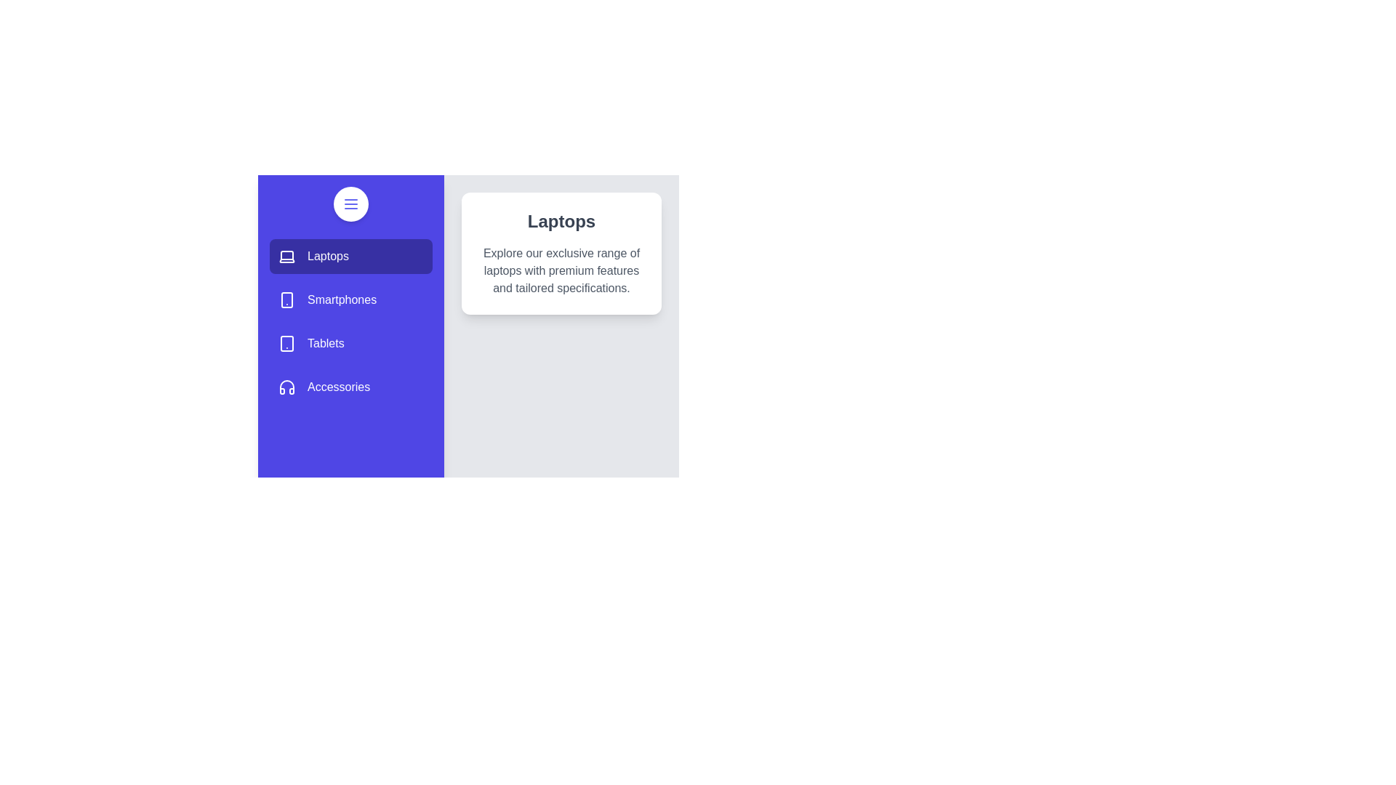 The width and height of the screenshot is (1396, 785). I want to click on the Laptops category from the list, so click(351, 256).